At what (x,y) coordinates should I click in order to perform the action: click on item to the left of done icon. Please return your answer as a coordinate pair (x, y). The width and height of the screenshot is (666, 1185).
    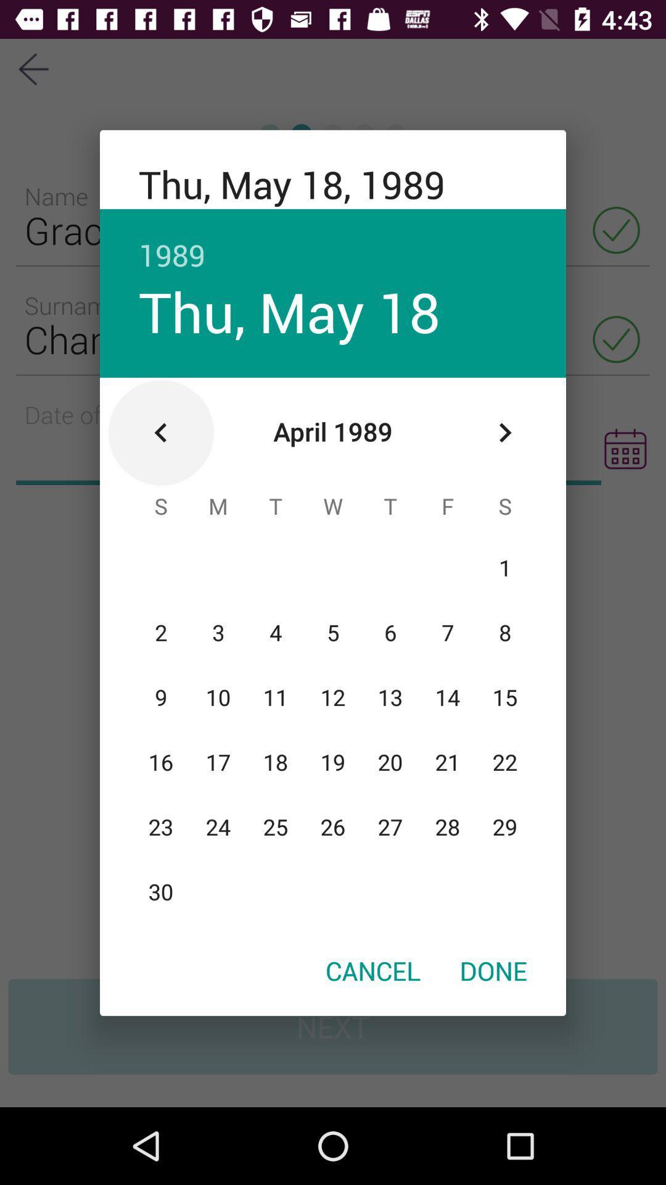
    Looking at the image, I should click on (372, 970).